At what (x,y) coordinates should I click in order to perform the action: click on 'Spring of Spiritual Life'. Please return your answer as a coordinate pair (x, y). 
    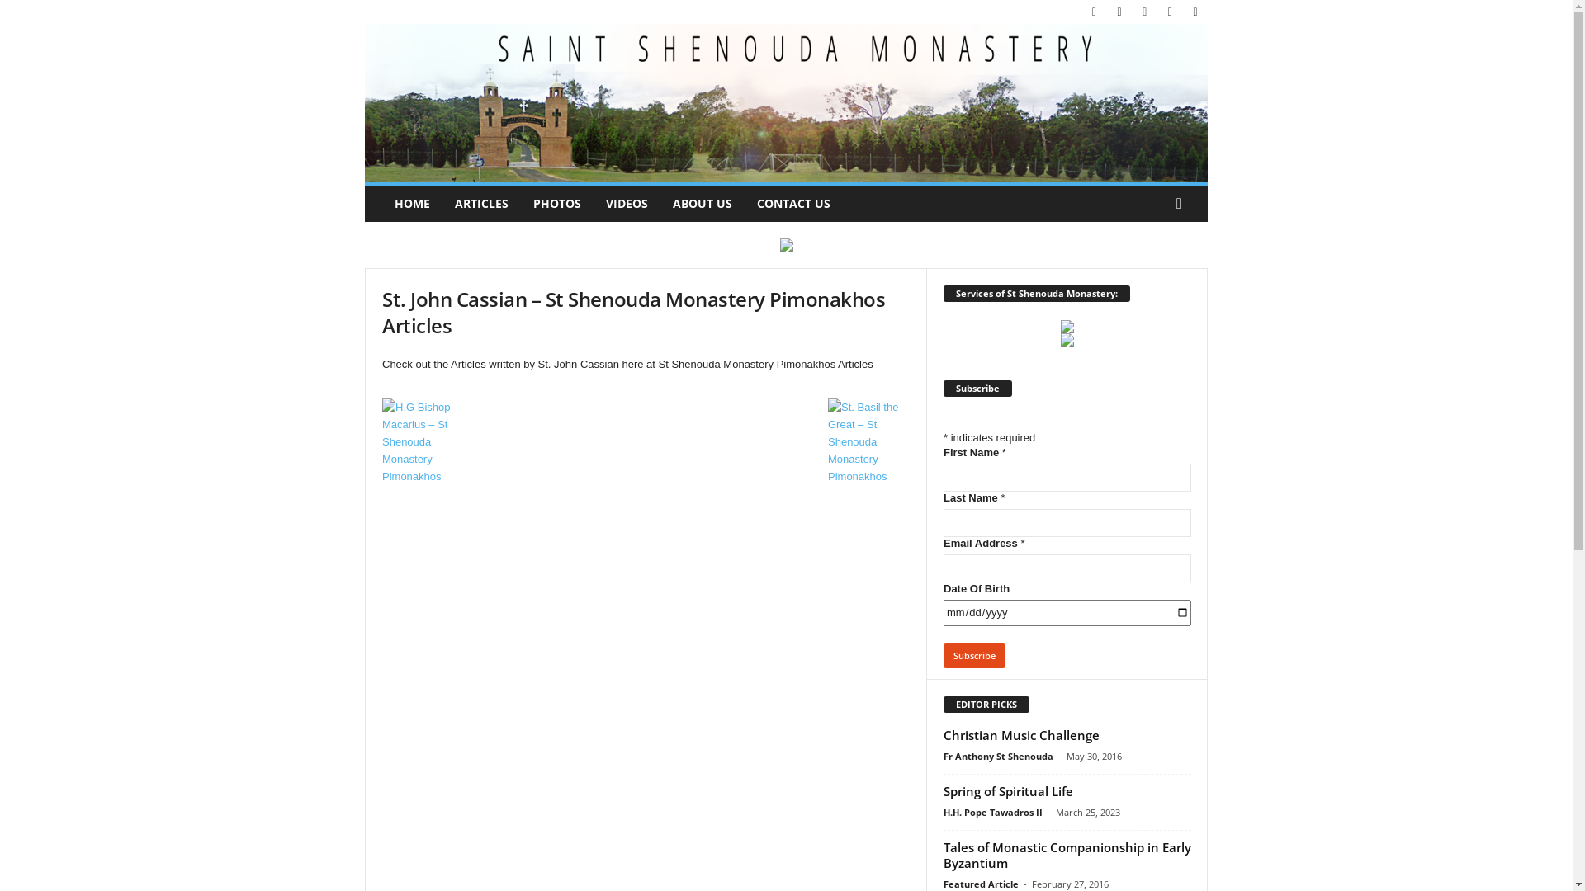
    Looking at the image, I should click on (1007, 790).